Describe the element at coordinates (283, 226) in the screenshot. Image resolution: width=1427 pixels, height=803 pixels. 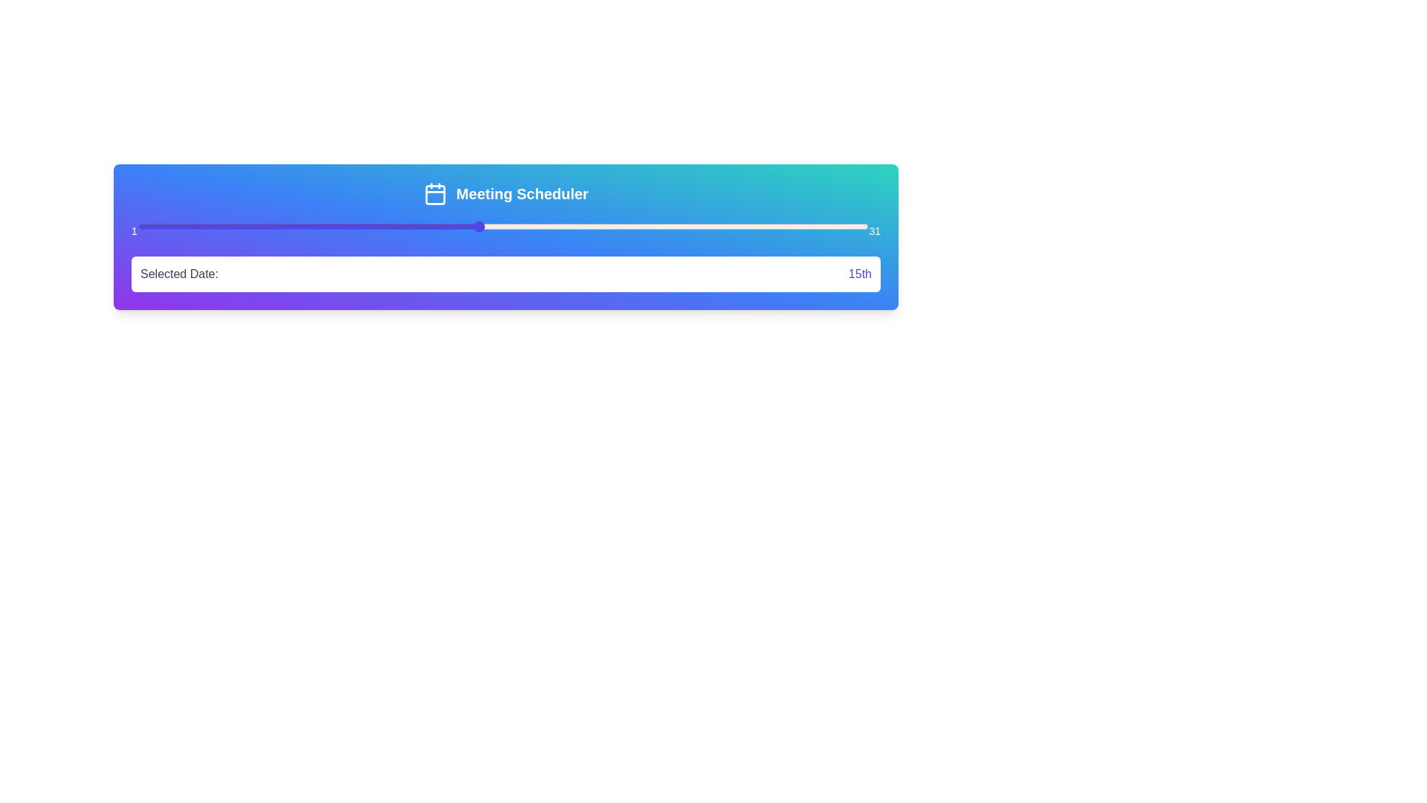
I see `the date` at that location.